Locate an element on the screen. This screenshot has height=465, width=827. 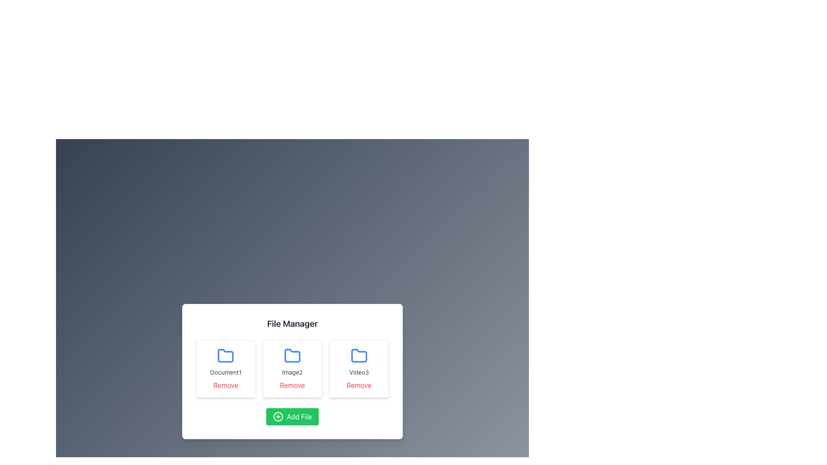
the icon or label of the second file item in the grid layout of the 'File Manager' interface, which is positioned between 'Document1' and 'Video3' is located at coordinates (292, 368).